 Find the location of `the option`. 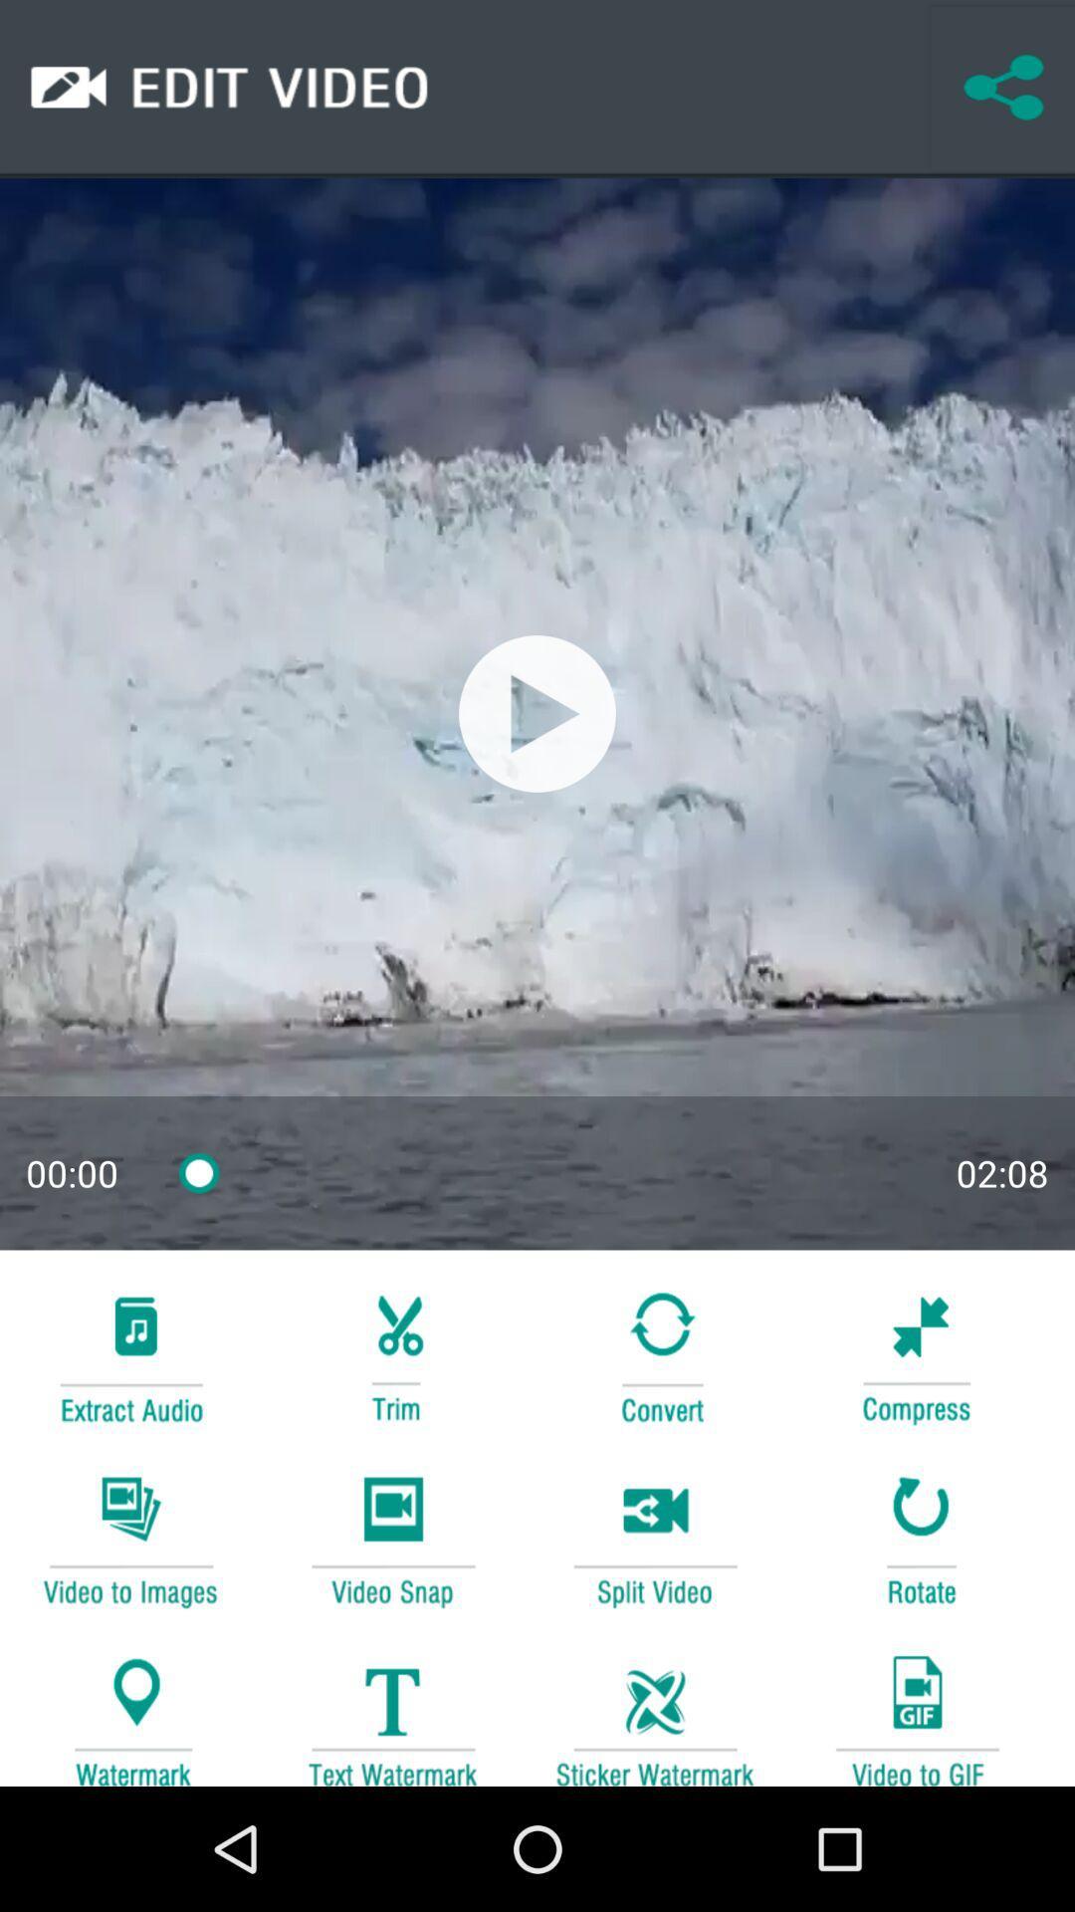

the option is located at coordinates (537, 713).